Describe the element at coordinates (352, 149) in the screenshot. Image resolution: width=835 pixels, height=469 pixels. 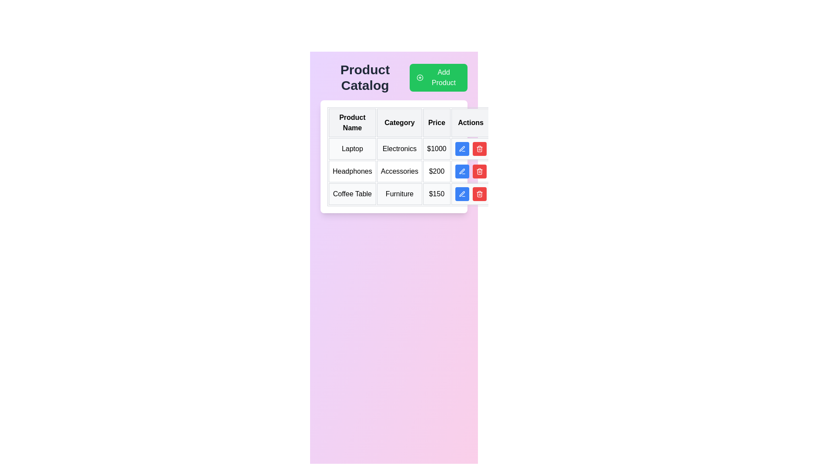
I see `the text label containing the word 'Laptop', which is the first cell in the row under the 'Product Name' header of the table` at that location.